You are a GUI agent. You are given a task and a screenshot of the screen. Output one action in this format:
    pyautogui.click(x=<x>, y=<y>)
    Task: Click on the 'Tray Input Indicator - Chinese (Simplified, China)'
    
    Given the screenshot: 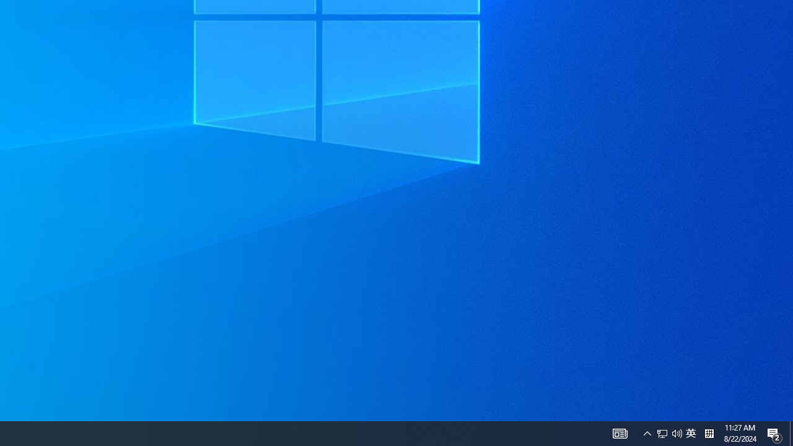 What is the action you would take?
    pyautogui.click(x=709, y=432)
    